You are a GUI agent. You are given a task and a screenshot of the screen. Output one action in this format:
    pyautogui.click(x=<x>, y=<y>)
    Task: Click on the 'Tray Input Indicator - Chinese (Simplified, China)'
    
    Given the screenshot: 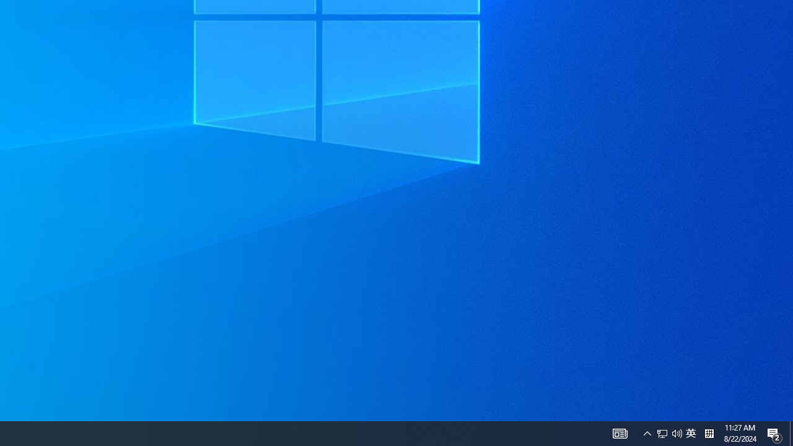 What is the action you would take?
    pyautogui.click(x=709, y=432)
    